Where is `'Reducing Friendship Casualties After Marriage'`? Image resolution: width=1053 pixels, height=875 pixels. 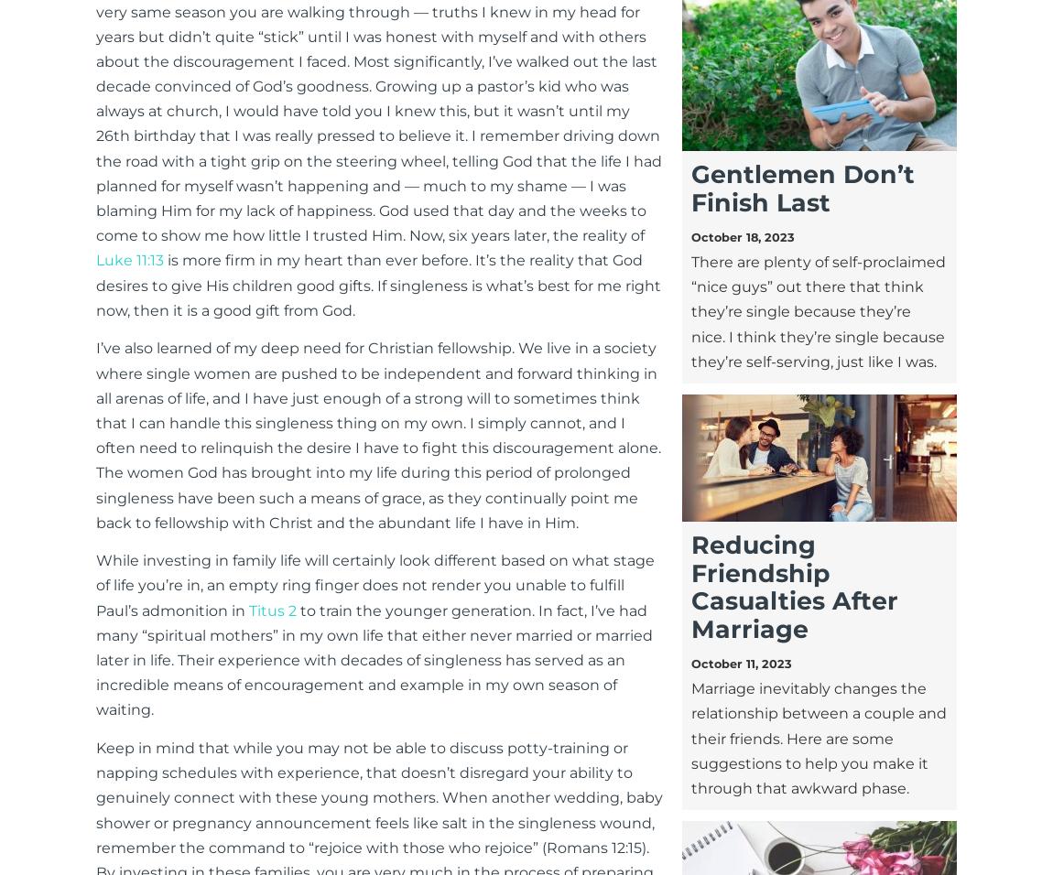
'Reducing Friendship Casualties After Marriage' is located at coordinates (793, 586).